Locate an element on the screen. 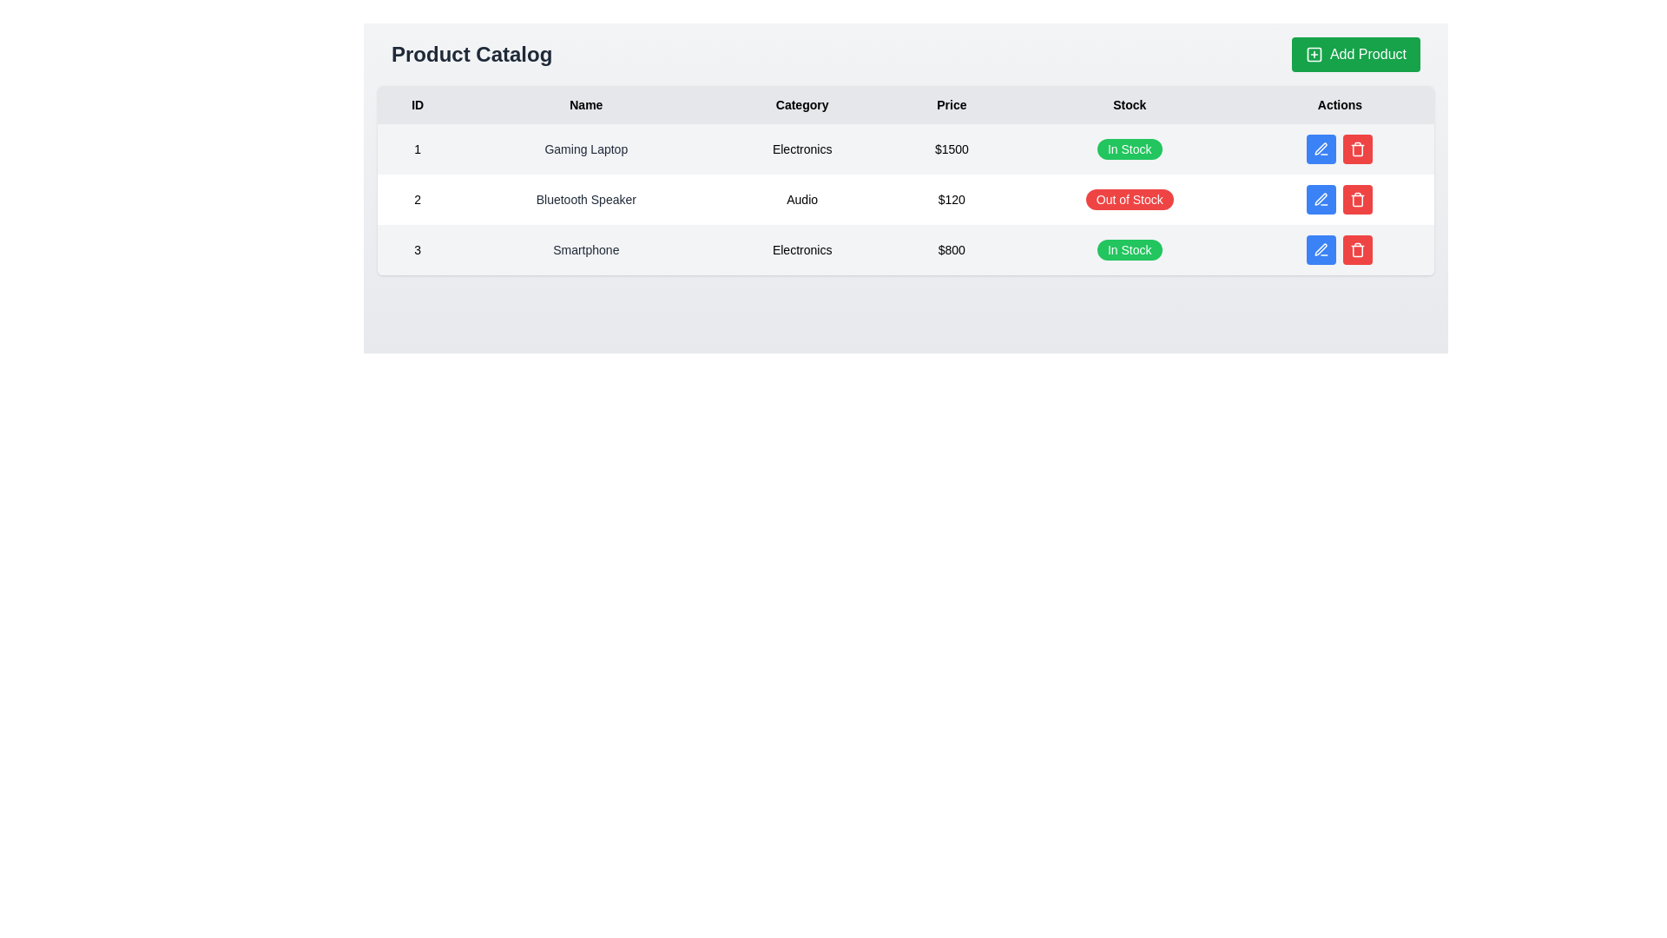 The width and height of the screenshot is (1667, 938). the 'Price' text label, which is the fourth column header in a table layout, located between 'Category' and 'Stock' is located at coordinates (951, 104).